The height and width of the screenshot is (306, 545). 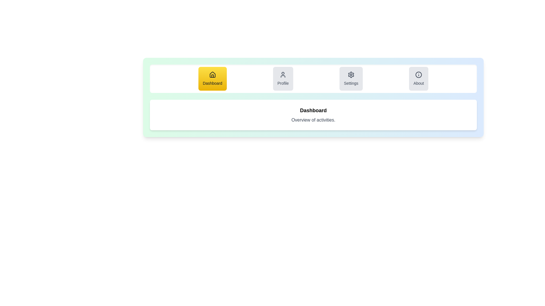 What do you see at coordinates (212, 78) in the screenshot?
I see `the Dashboard tab by clicking on its button` at bounding box center [212, 78].